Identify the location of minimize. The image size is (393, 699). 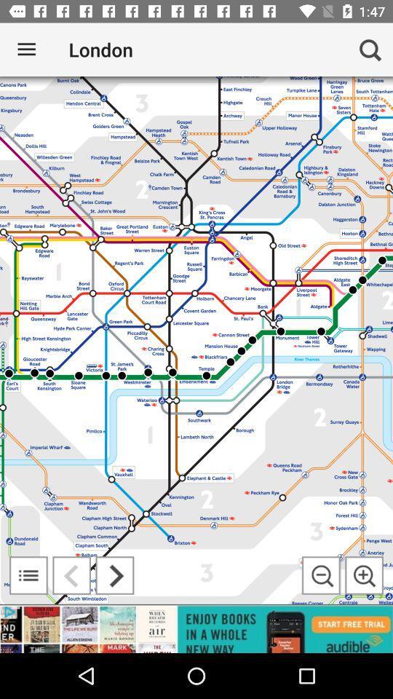
(321, 575).